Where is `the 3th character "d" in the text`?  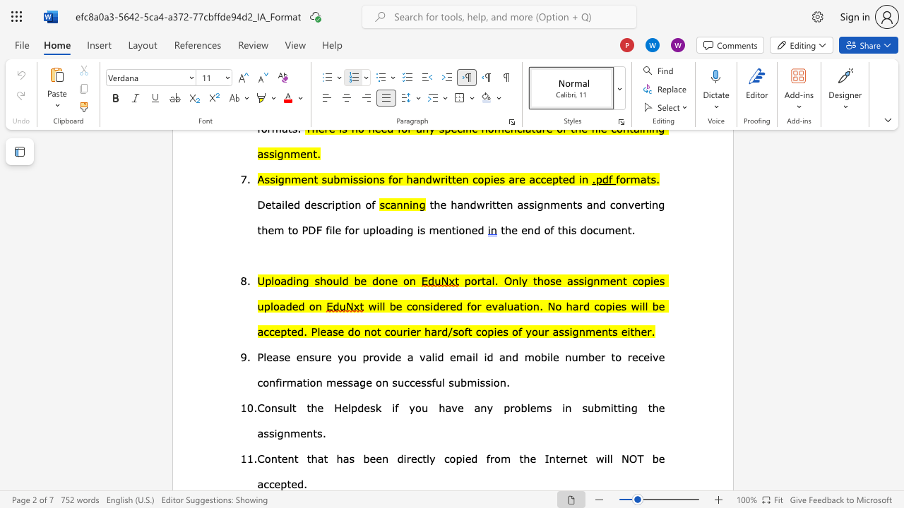 the 3th character "d" in the text is located at coordinates (299, 483).